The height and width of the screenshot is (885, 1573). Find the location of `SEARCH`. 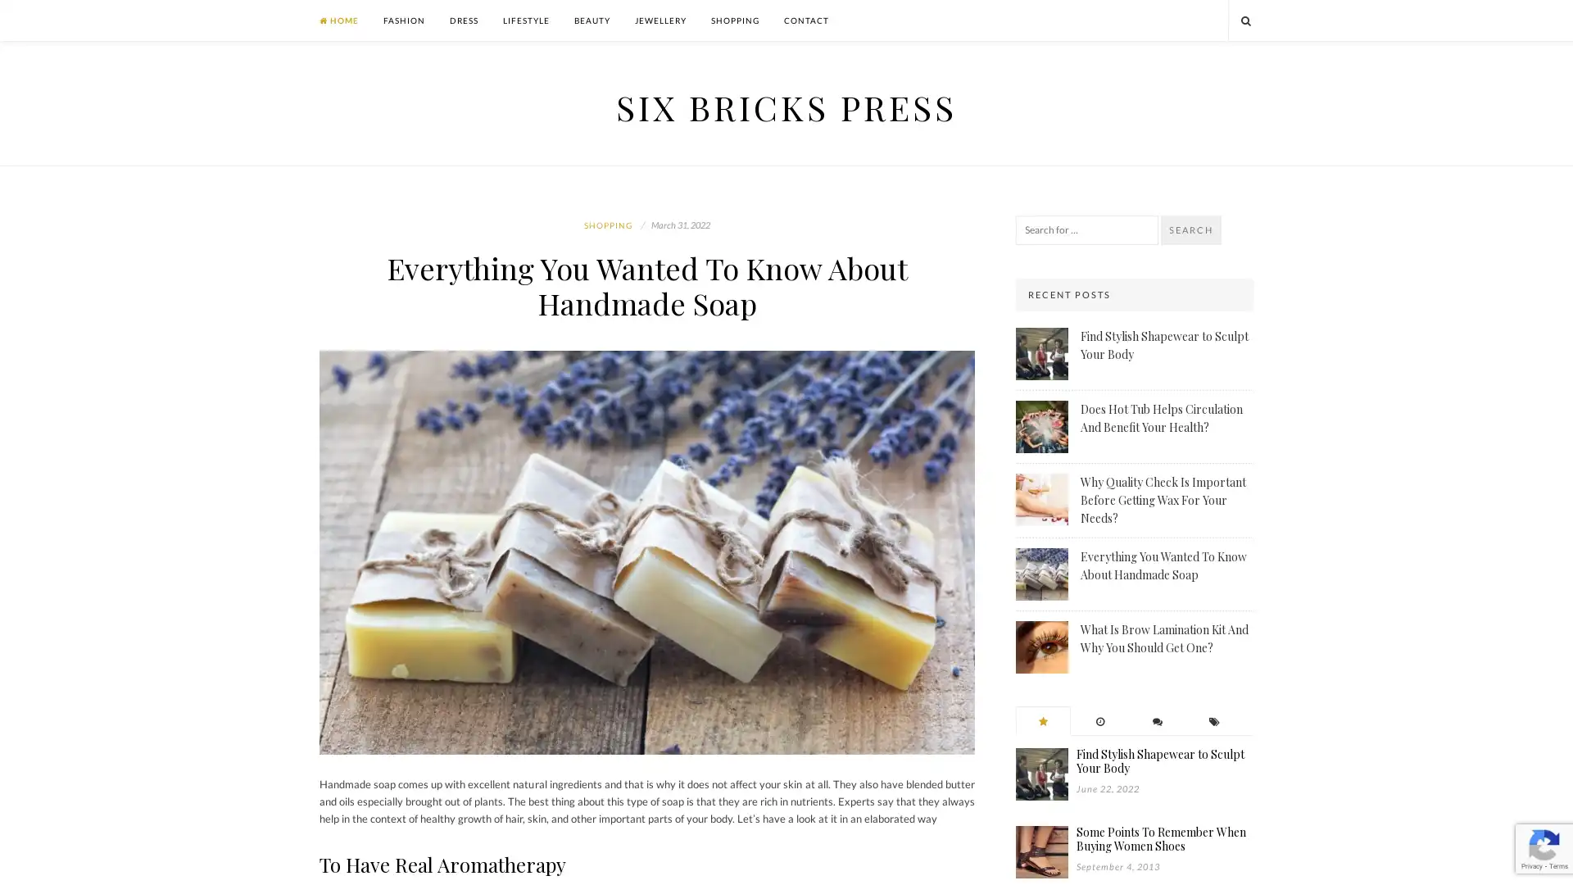

SEARCH is located at coordinates (1191, 230).